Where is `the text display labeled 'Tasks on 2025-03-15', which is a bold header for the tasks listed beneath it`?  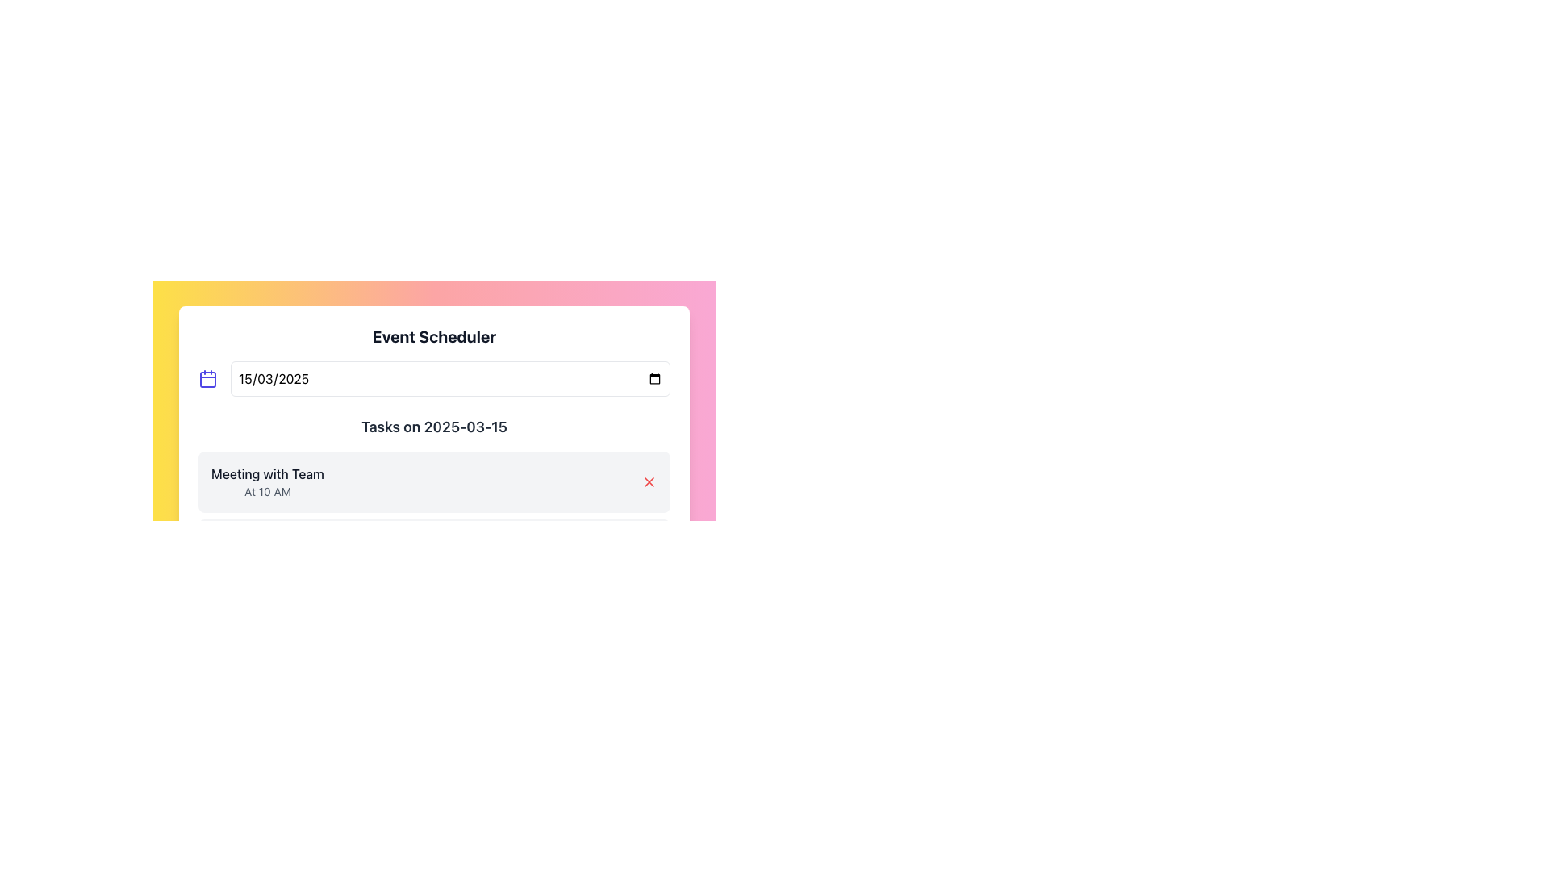
the text display labeled 'Tasks on 2025-03-15', which is a bold header for the tasks listed beneath it is located at coordinates (434, 426).